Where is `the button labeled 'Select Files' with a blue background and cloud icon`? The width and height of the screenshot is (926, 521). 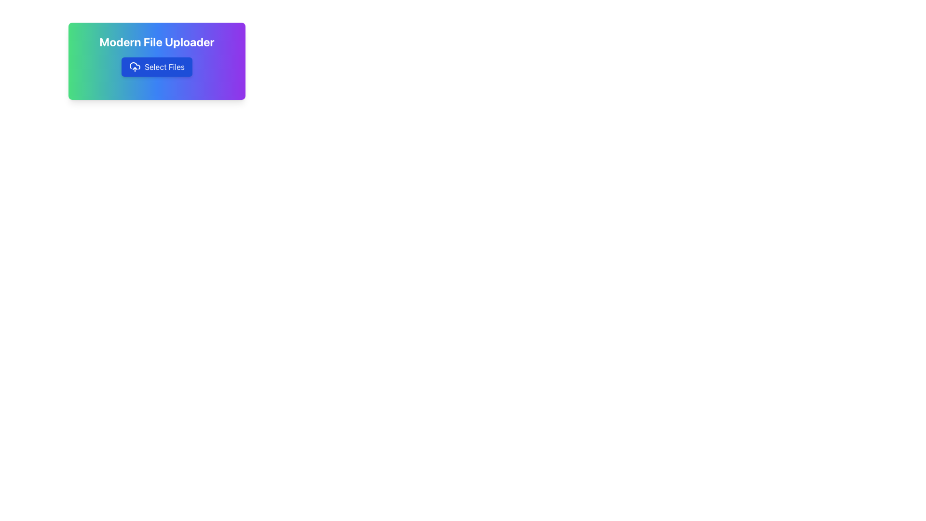 the button labeled 'Select Files' with a blue background and cloud icon is located at coordinates (157, 66).